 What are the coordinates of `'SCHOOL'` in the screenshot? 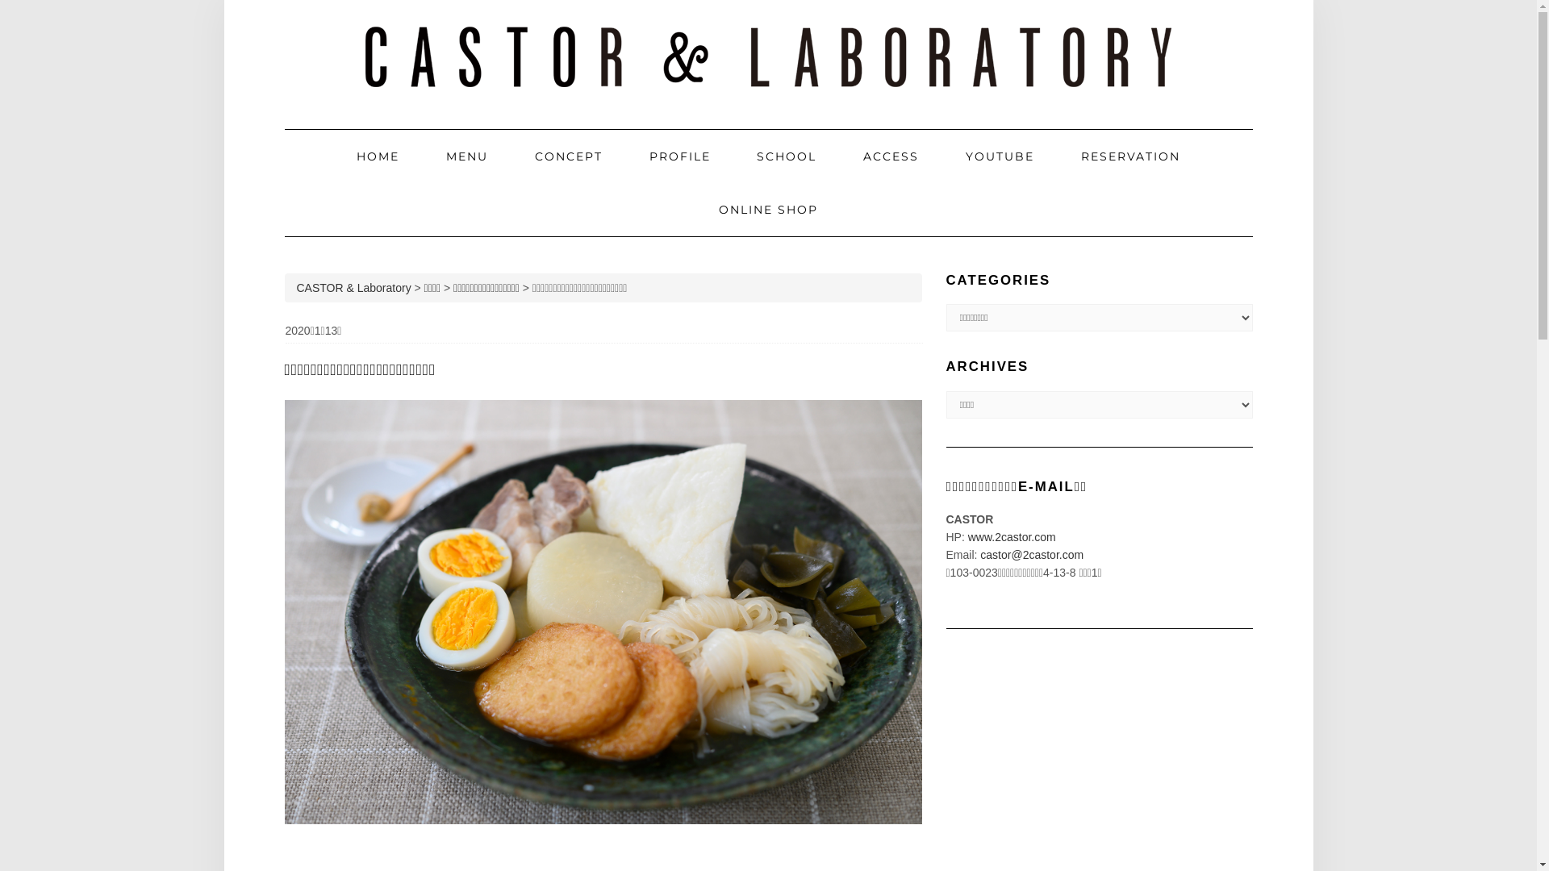 It's located at (786, 156).